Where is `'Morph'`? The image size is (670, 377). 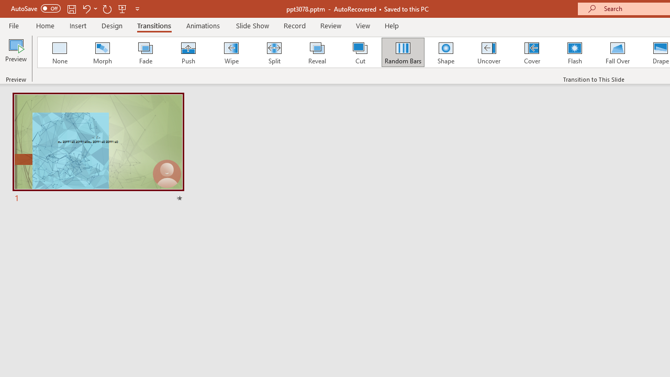 'Morph' is located at coordinates (102, 52).